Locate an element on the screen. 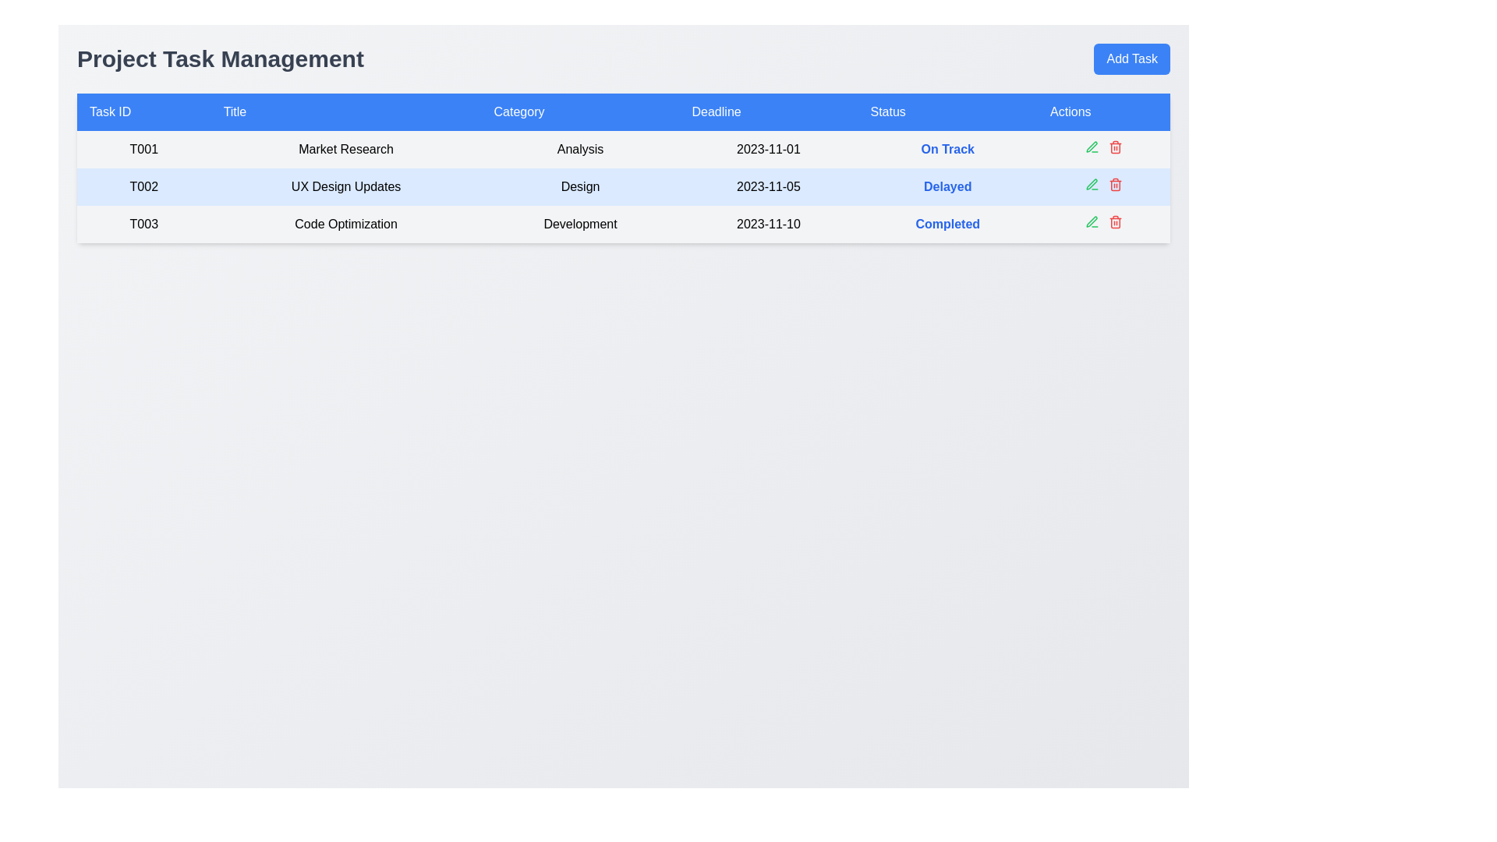  the Text label in the Title column that describes the task with ID 'T002' is located at coordinates (345, 186).